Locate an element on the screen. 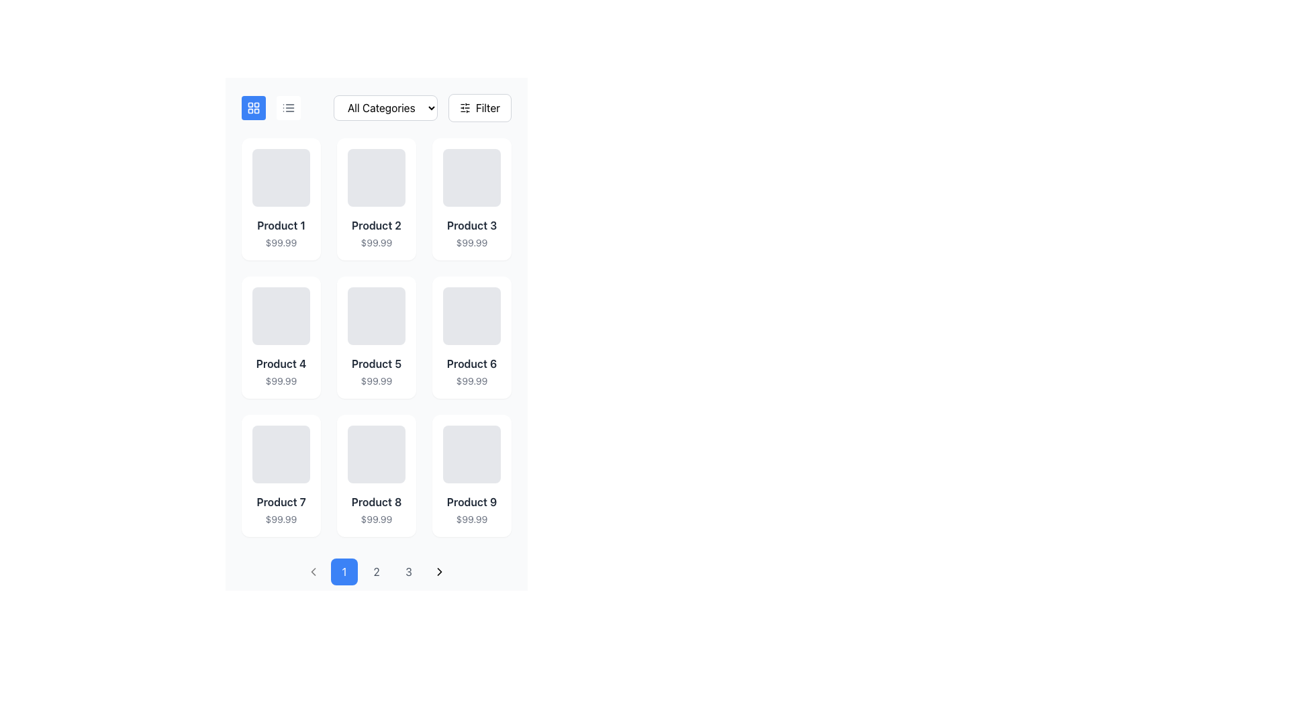 This screenshot has width=1289, height=725. the second pagination button located at the center of the pagination bar is located at coordinates (376, 572).